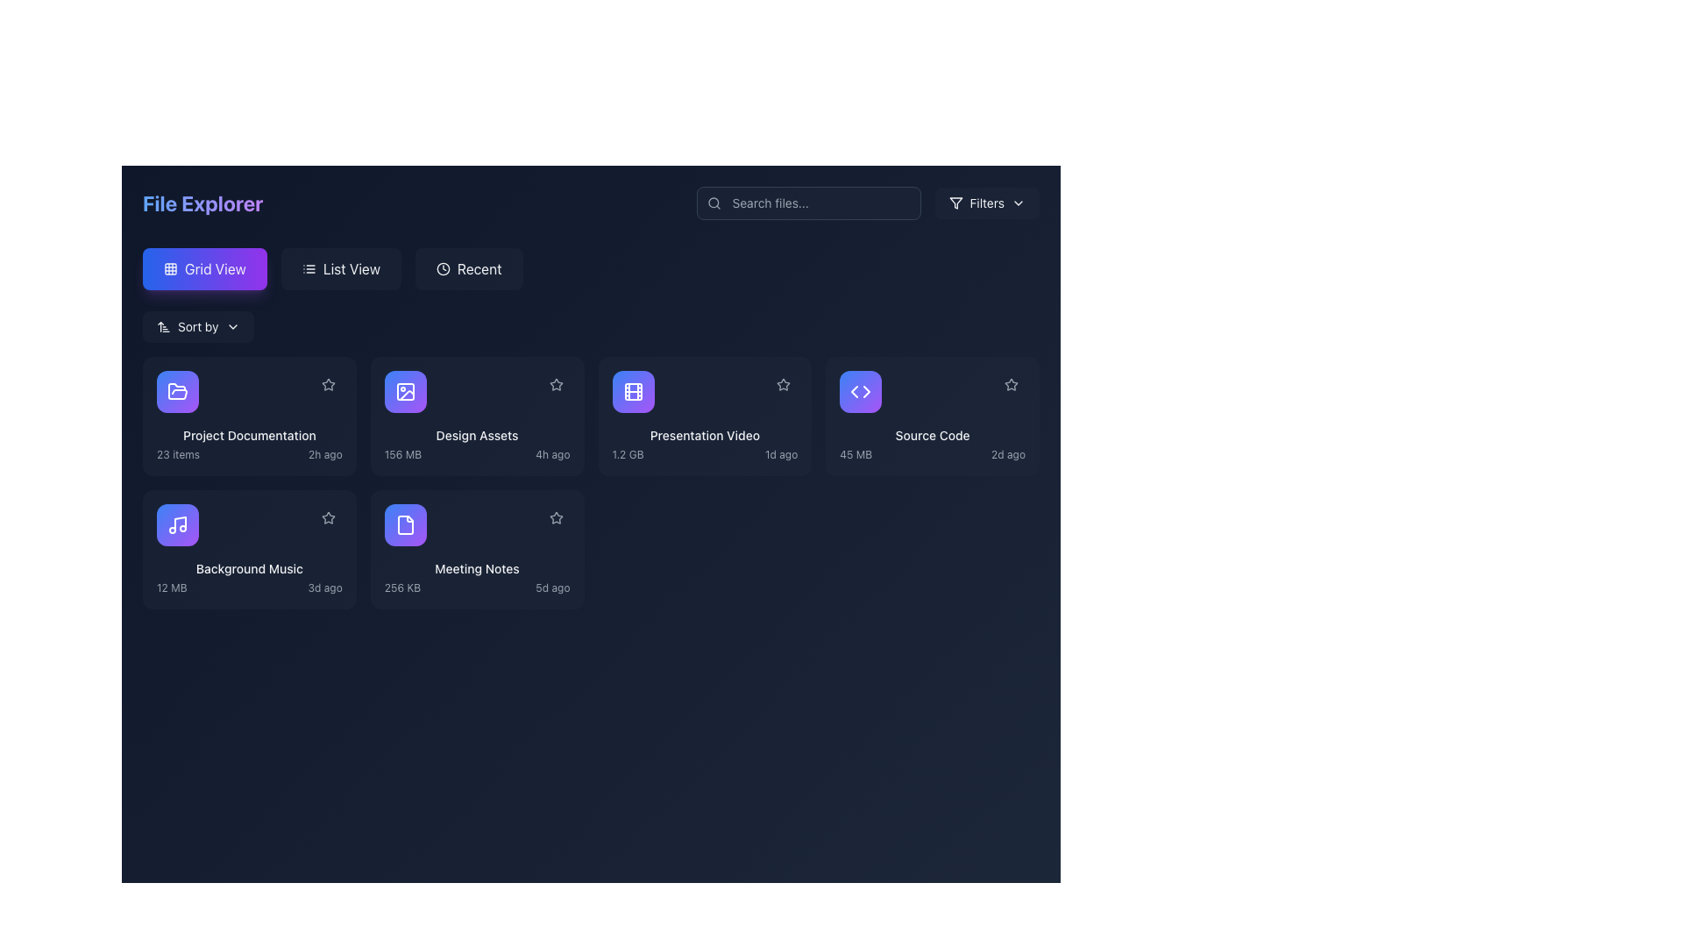 The image size is (1683, 947). Describe the element at coordinates (856, 454) in the screenshot. I see `the text label displaying '45 MB' in the Source Code card within the File Explorer interface` at that location.